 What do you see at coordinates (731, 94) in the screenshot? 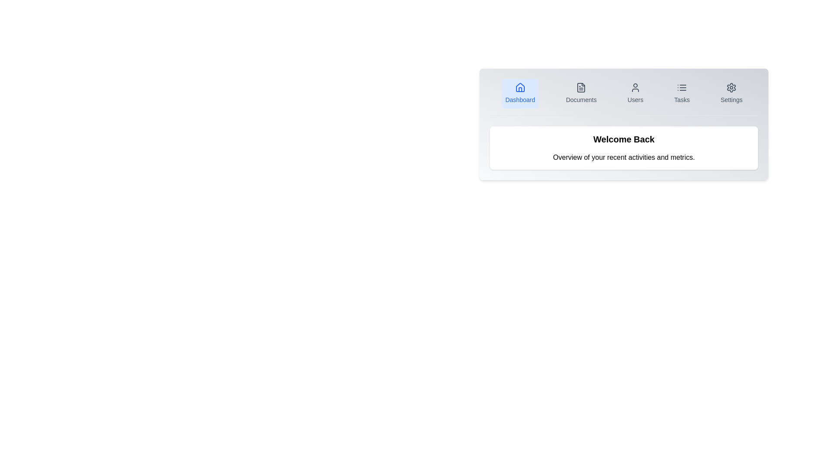
I see `the settings button located` at bounding box center [731, 94].